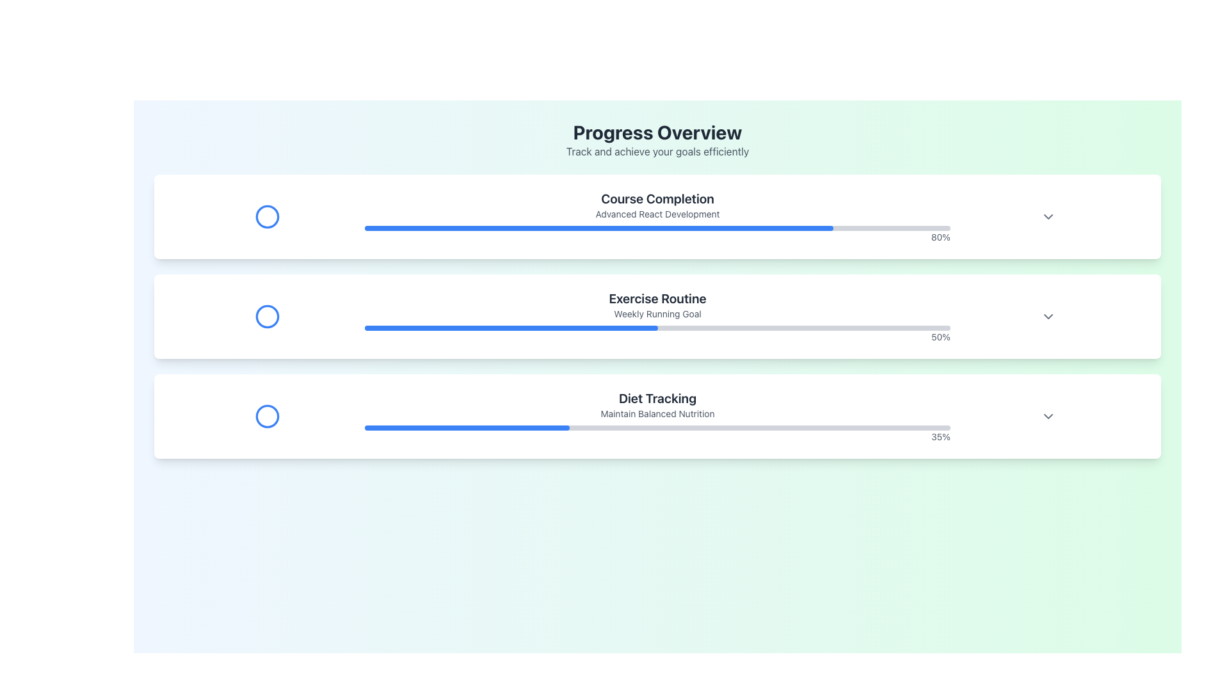  What do you see at coordinates (657, 398) in the screenshot?
I see `the 'Diet Tracking' text label, which is styled with a bold, large font and is located in the third row of a three-column grid` at bounding box center [657, 398].